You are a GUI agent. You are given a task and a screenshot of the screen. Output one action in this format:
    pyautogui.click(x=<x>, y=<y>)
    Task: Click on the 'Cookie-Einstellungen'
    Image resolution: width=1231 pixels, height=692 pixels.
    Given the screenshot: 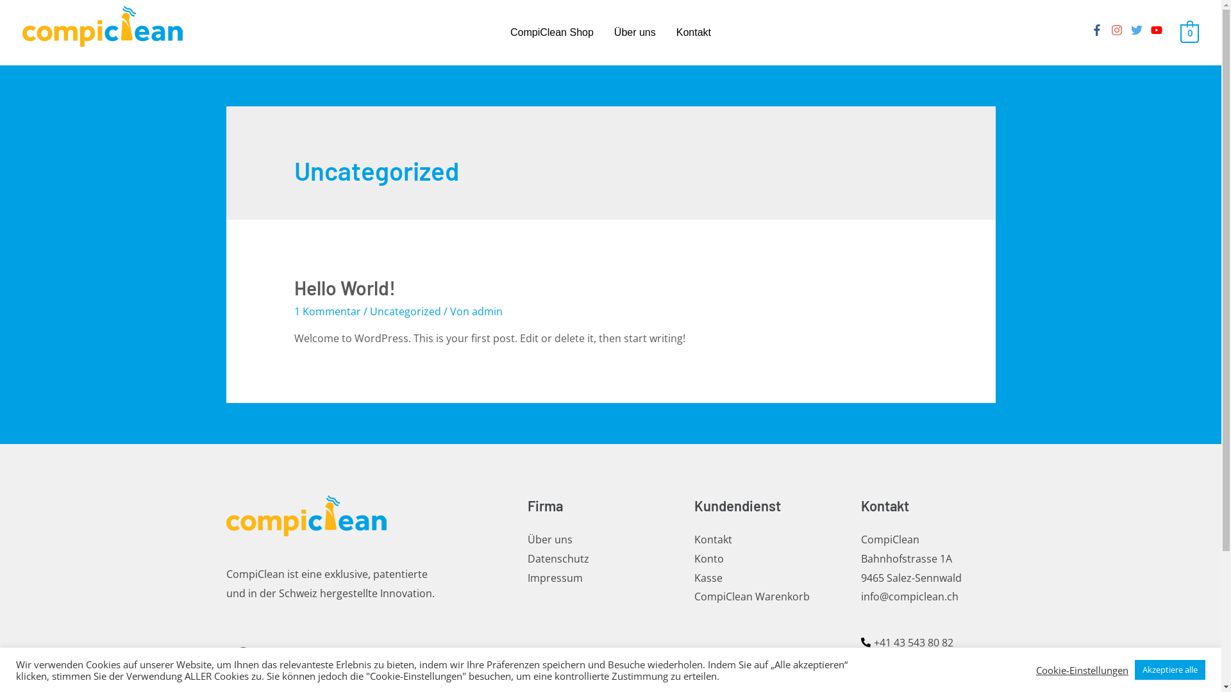 What is the action you would take?
    pyautogui.click(x=1082, y=669)
    